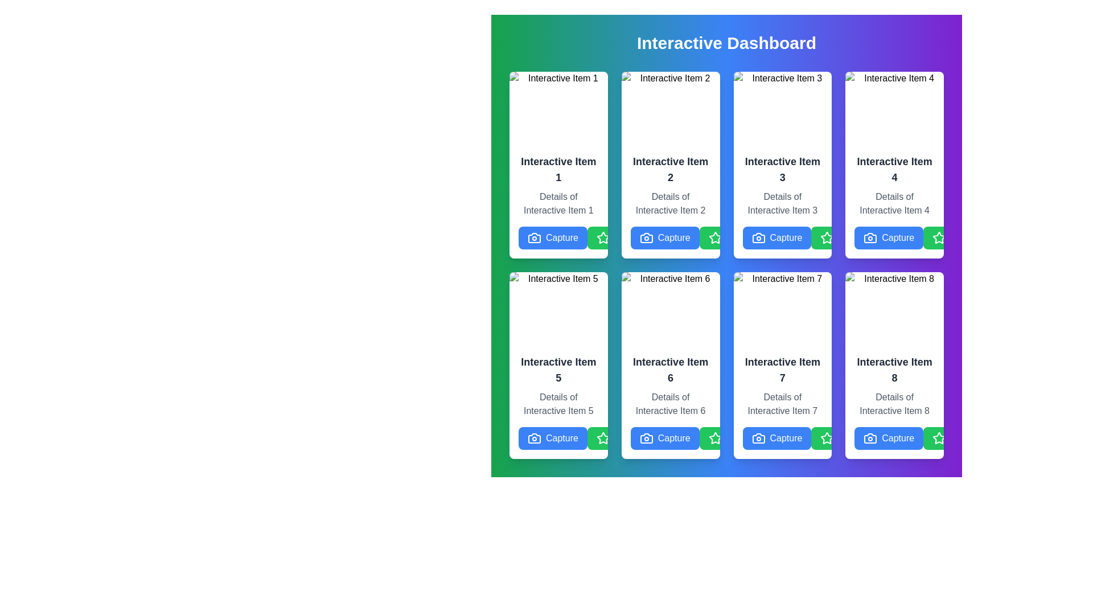 The height and width of the screenshot is (615, 1093). Describe the element at coordinates (782, 203) in the screenshot. I see `the static text displaying 'Details of Interactive Item 3', which is located below the header 'Interactive Item 3' and above the action buttons in the card layout` at that location.